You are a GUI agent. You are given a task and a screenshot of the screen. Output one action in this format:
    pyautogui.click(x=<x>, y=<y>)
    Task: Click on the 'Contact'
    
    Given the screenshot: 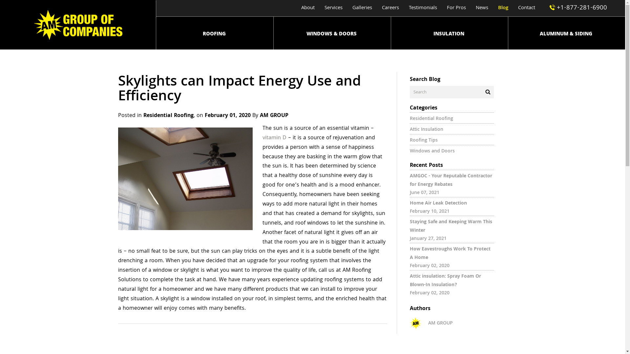 What is the action you would take?
    pyautogui.click(x=526, y=8)
    